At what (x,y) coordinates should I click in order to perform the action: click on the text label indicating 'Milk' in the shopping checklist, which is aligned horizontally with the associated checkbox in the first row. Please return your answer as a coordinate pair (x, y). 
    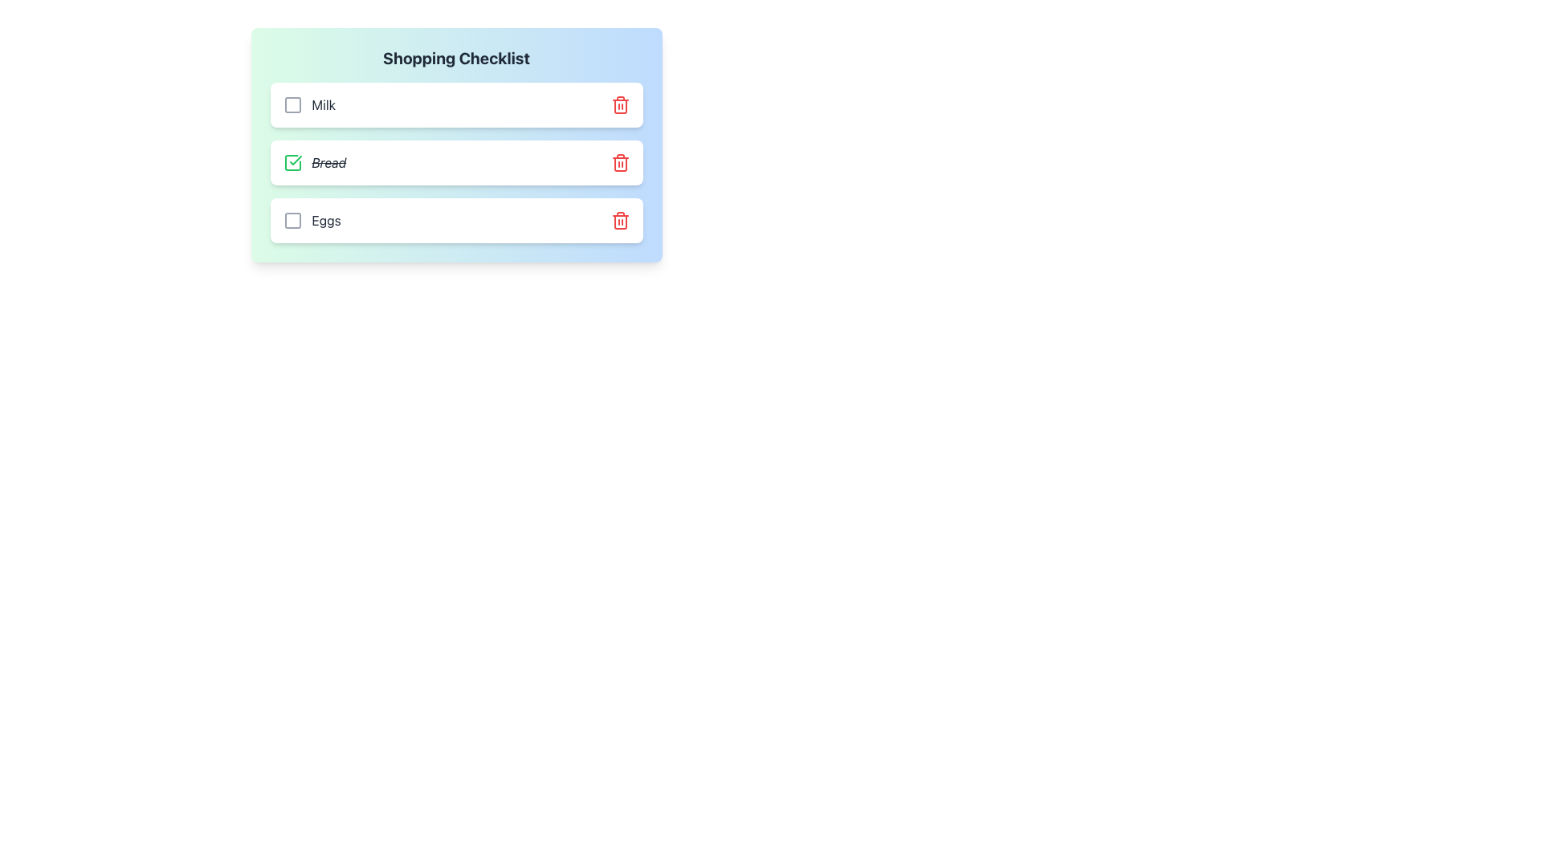
    Looking at the image, I should click on (323, 105).